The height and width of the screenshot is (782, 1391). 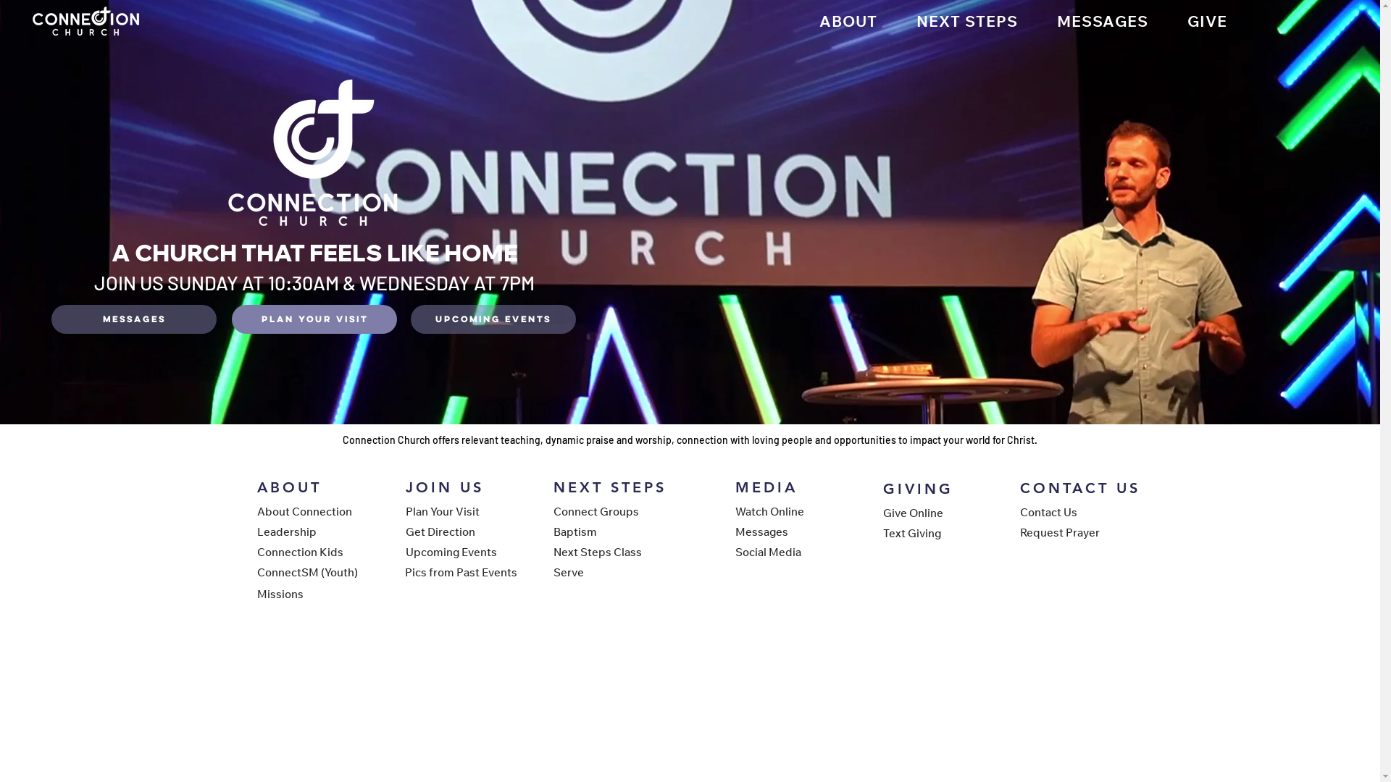 I want to click on 'Plan Your Visit', so click(x=456, y=510).